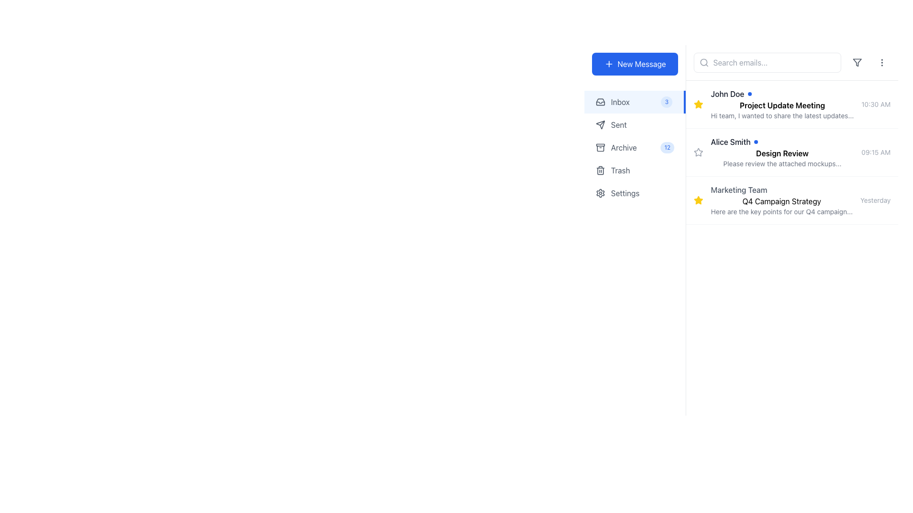 The height and width of the screenshot is (513, 913). Describe the element at coordinates (792, 199) in the screenshot. I see `the Interactive List Item titled 'Q4 Campaign Strategy'` at that location.